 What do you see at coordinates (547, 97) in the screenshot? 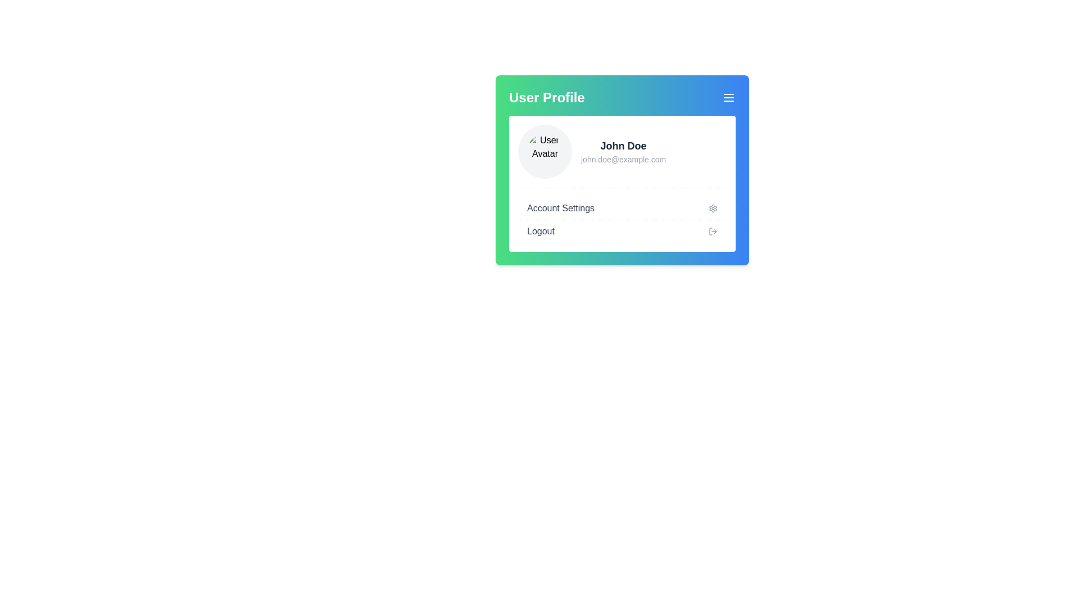
I see `the text label that serves as the header indicating the primary topic of the user profile within the header section of the user interface card` at bounding box center [547, 97].